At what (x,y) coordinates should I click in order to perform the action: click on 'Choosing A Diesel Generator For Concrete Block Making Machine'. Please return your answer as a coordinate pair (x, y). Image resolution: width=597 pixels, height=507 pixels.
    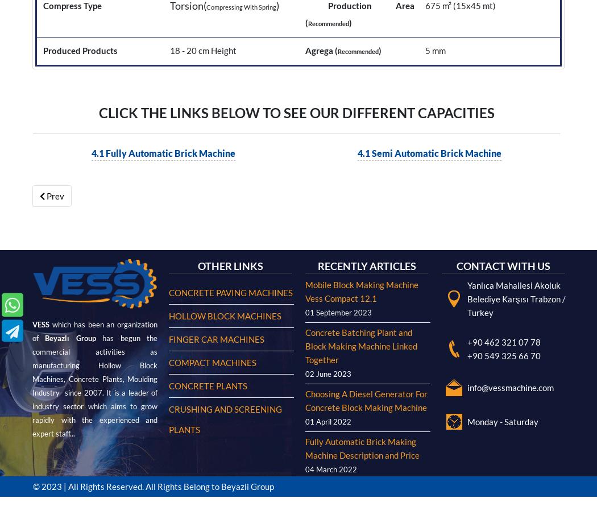
    Looking at the image, I should click on (305, 36).